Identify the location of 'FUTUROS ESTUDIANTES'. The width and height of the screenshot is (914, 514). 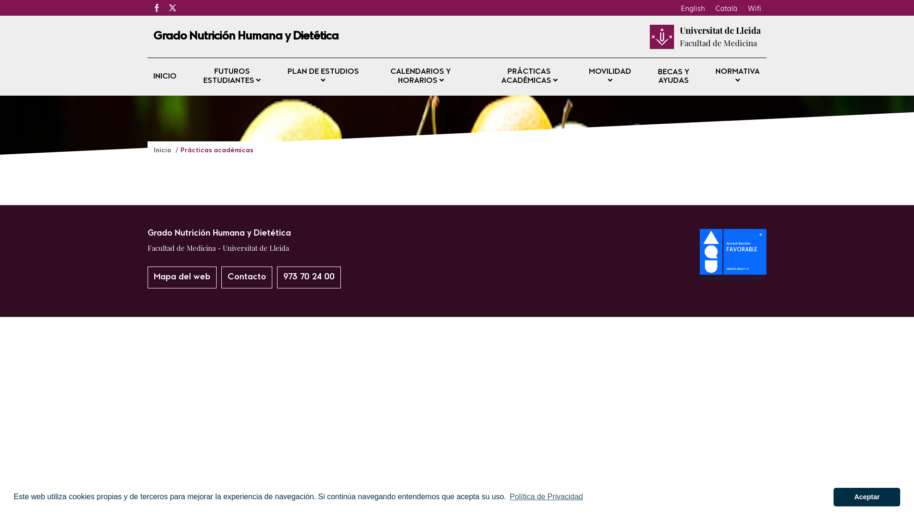
(232, 76).